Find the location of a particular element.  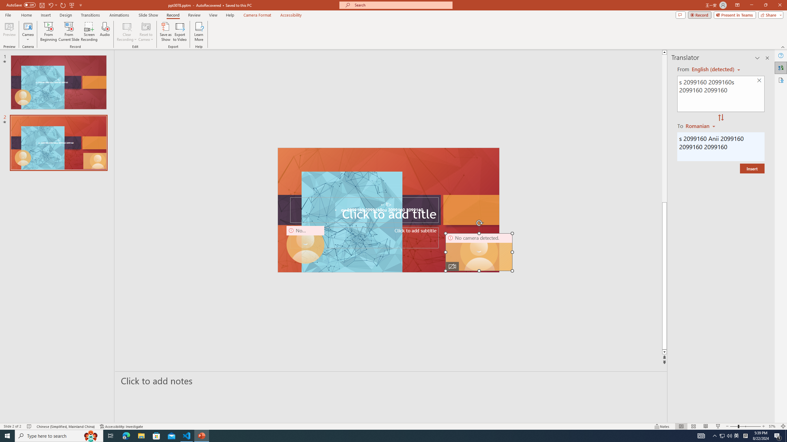

'From Current Slide...' is located at coordinates (69, 32).